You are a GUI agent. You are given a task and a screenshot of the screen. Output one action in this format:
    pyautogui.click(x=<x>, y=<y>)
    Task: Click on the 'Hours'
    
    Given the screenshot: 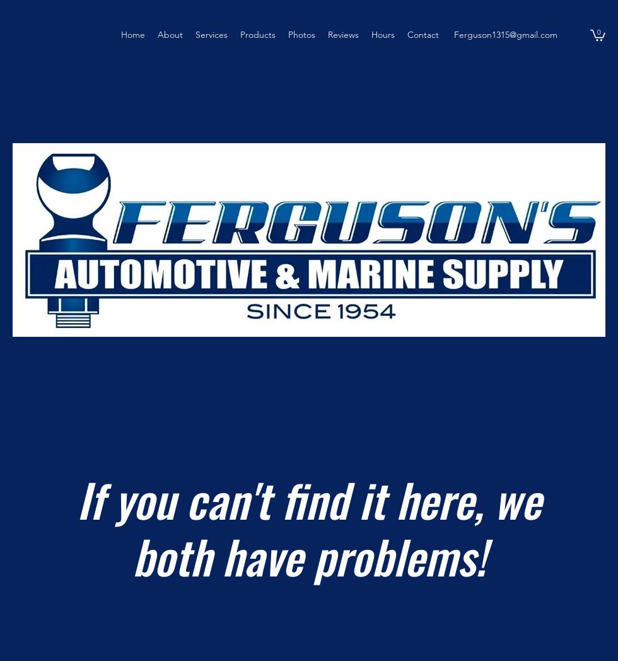 What is the action you would take?
    pyautogui.click(x=383, y=35)
    